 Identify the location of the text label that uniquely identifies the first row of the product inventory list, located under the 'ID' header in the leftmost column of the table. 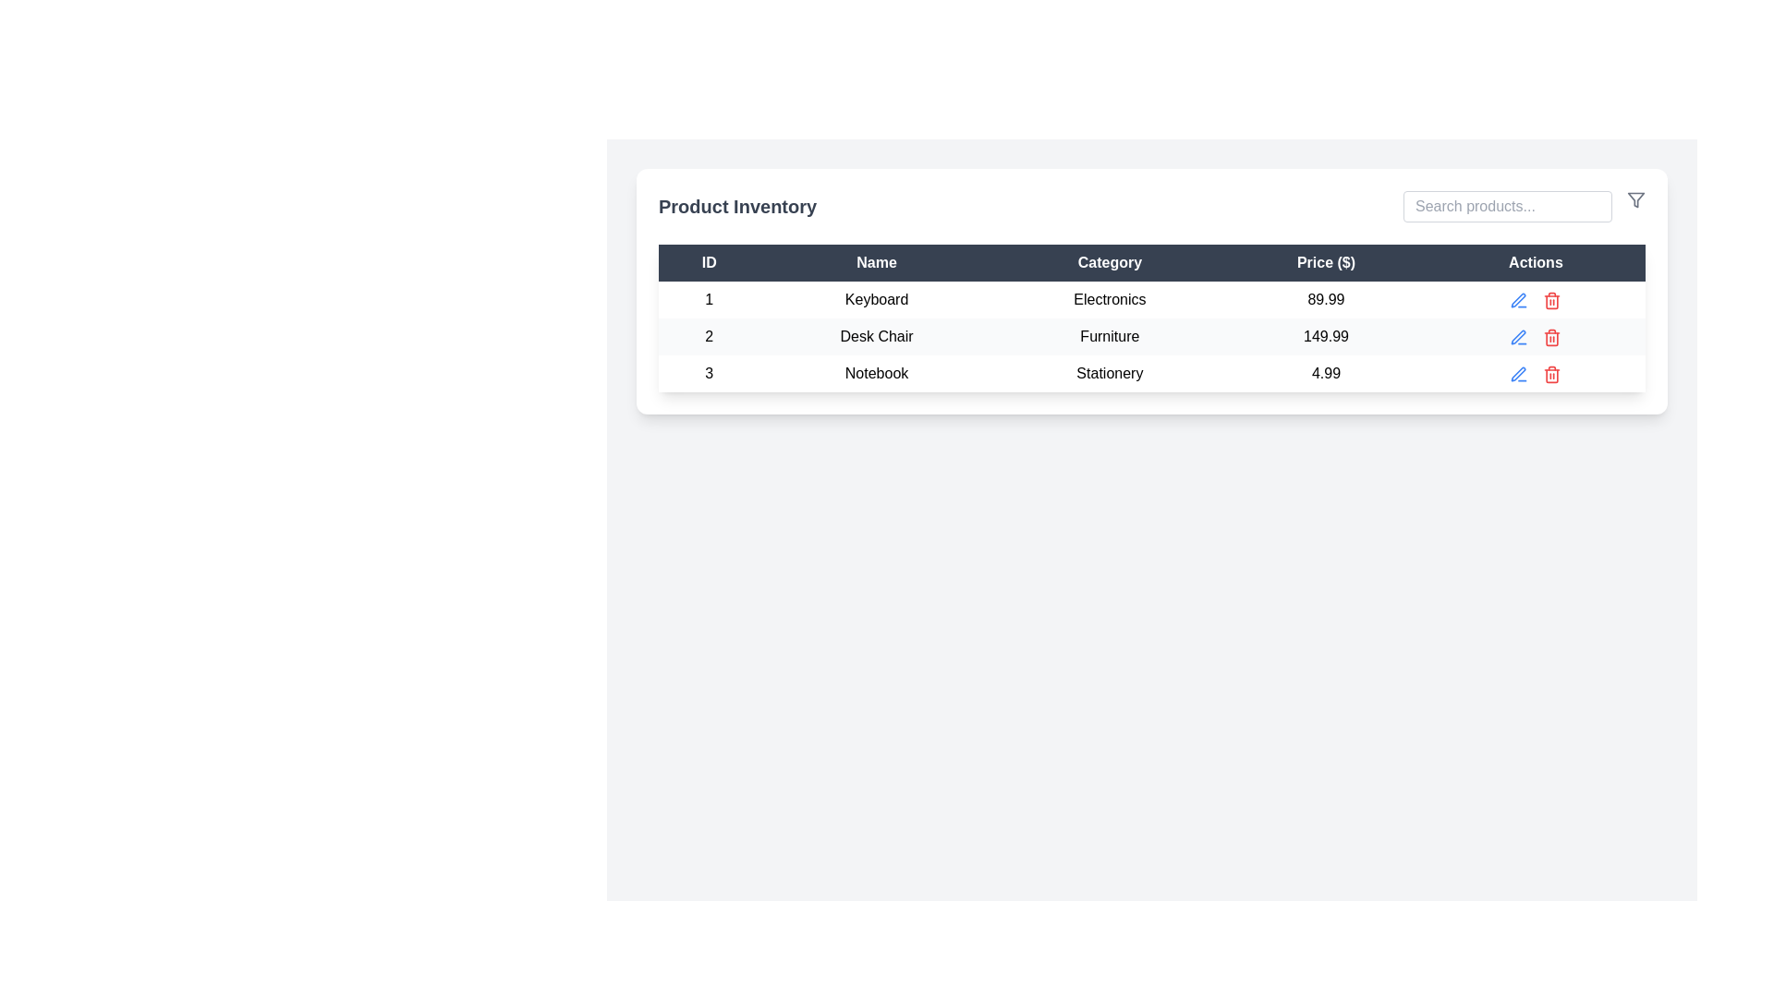
(708, 298).